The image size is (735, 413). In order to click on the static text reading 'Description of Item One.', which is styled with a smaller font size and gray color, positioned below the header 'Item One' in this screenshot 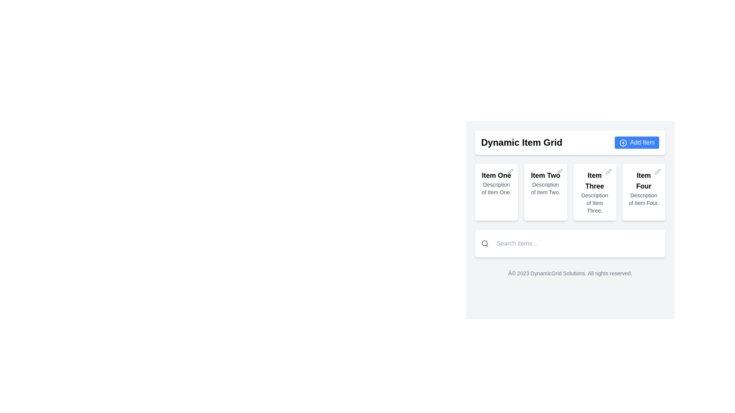, I will do `click(497, 189)`.